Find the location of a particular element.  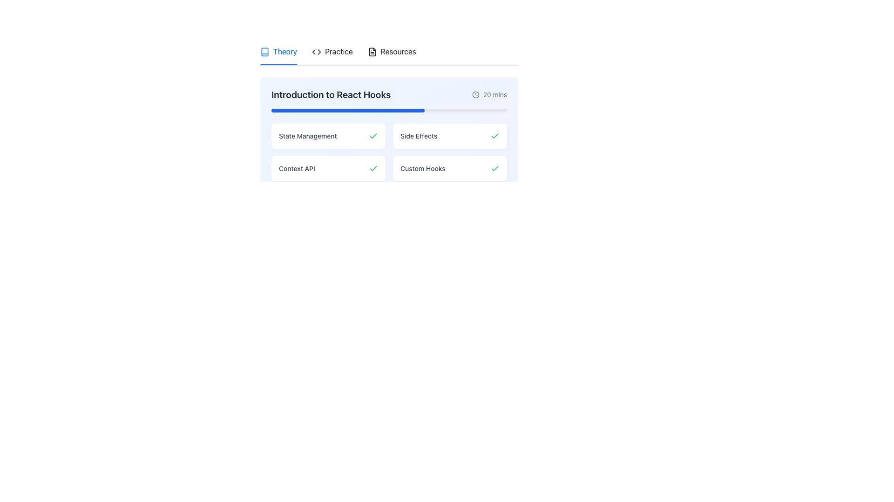

label displaying 'State Management' with a green checkmark icon located in the top-left corner of the section below 'Introduction to React Hooks' is located at coordinates (328, 136).